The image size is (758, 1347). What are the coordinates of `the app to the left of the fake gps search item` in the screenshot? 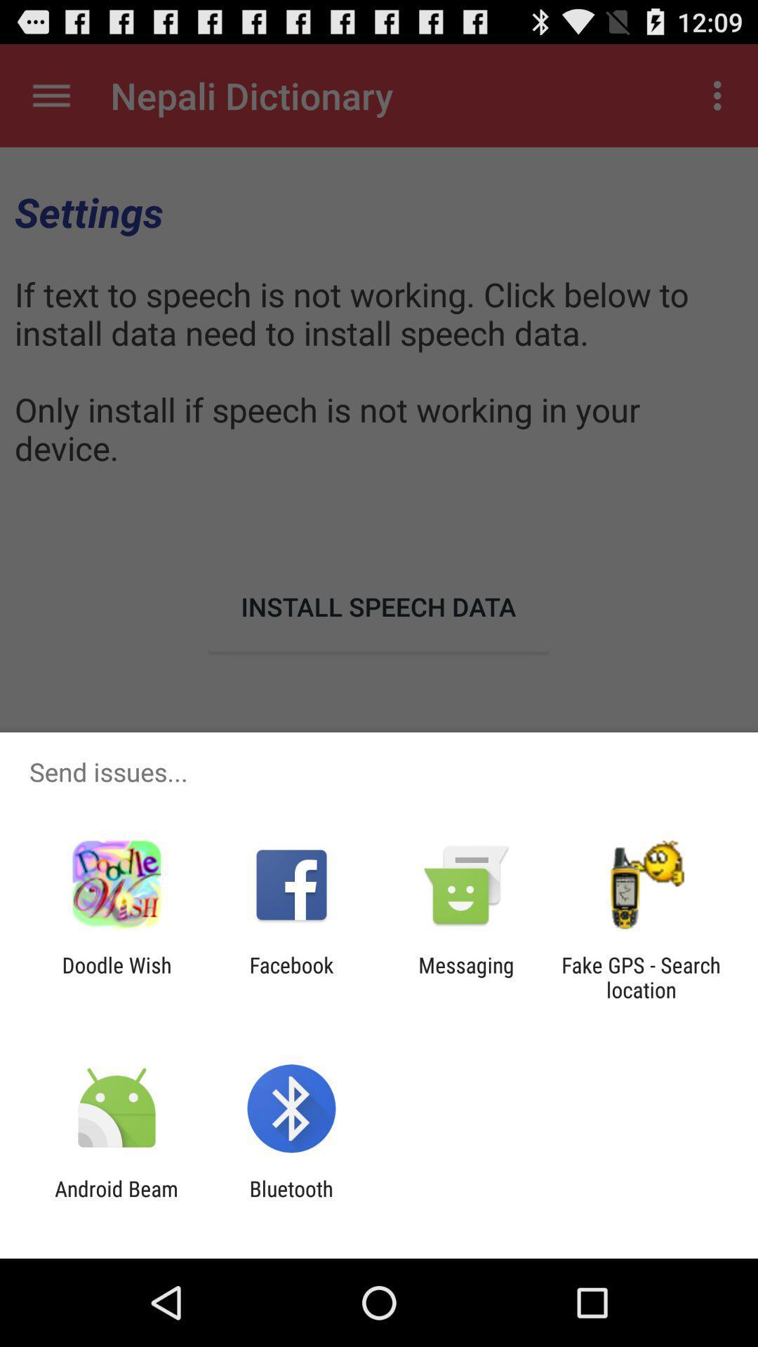 It's located at (466, 977).